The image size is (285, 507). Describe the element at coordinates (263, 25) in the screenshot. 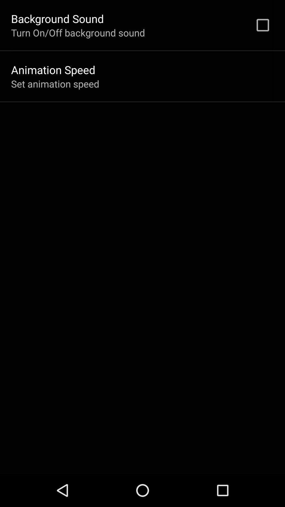

I see `app next to turn on off item` at that location.